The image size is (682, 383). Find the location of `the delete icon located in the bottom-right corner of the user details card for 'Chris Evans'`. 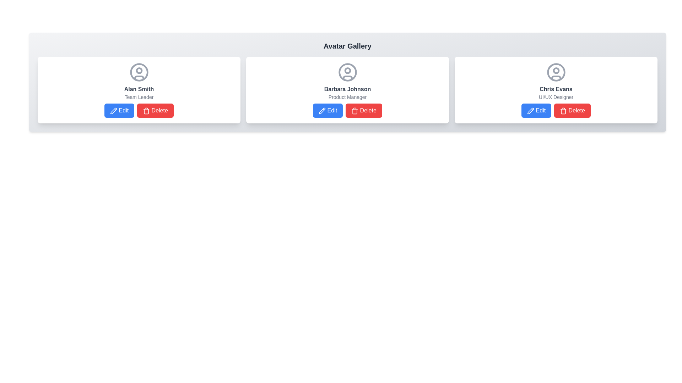

the delete icon located in the bottom-right corner of the user details card for 'Chris Evans' is located at coordinates (563, 111).